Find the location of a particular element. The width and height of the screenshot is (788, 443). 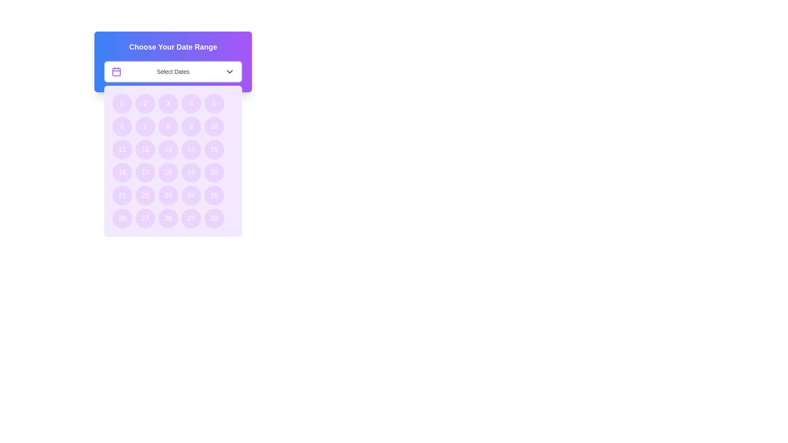

the button representing the selectable day '30' in the date picker calendar interface is located at coordinates (214, 218).